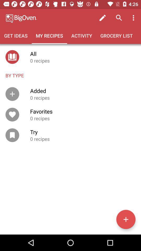  I want to click on icon left side to try option, so click(12, 135).